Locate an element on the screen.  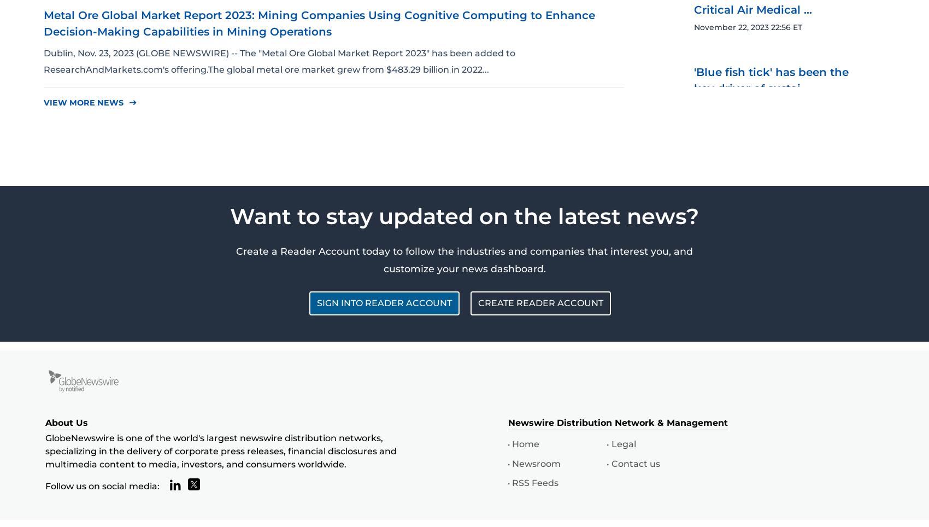
'Contact us' is located at coordinates (635, 463).